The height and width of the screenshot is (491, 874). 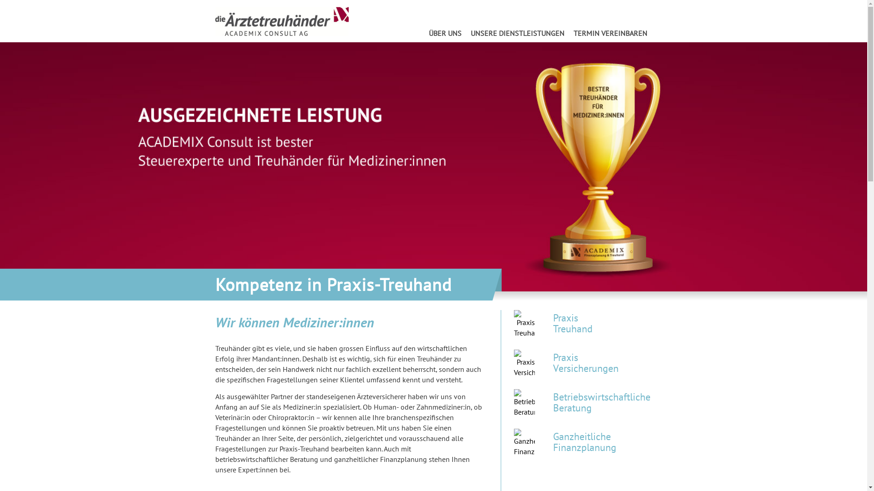 I want to click on 'UNSERE DIENSTLEISTUNGEN', so click(x=518, y=33).